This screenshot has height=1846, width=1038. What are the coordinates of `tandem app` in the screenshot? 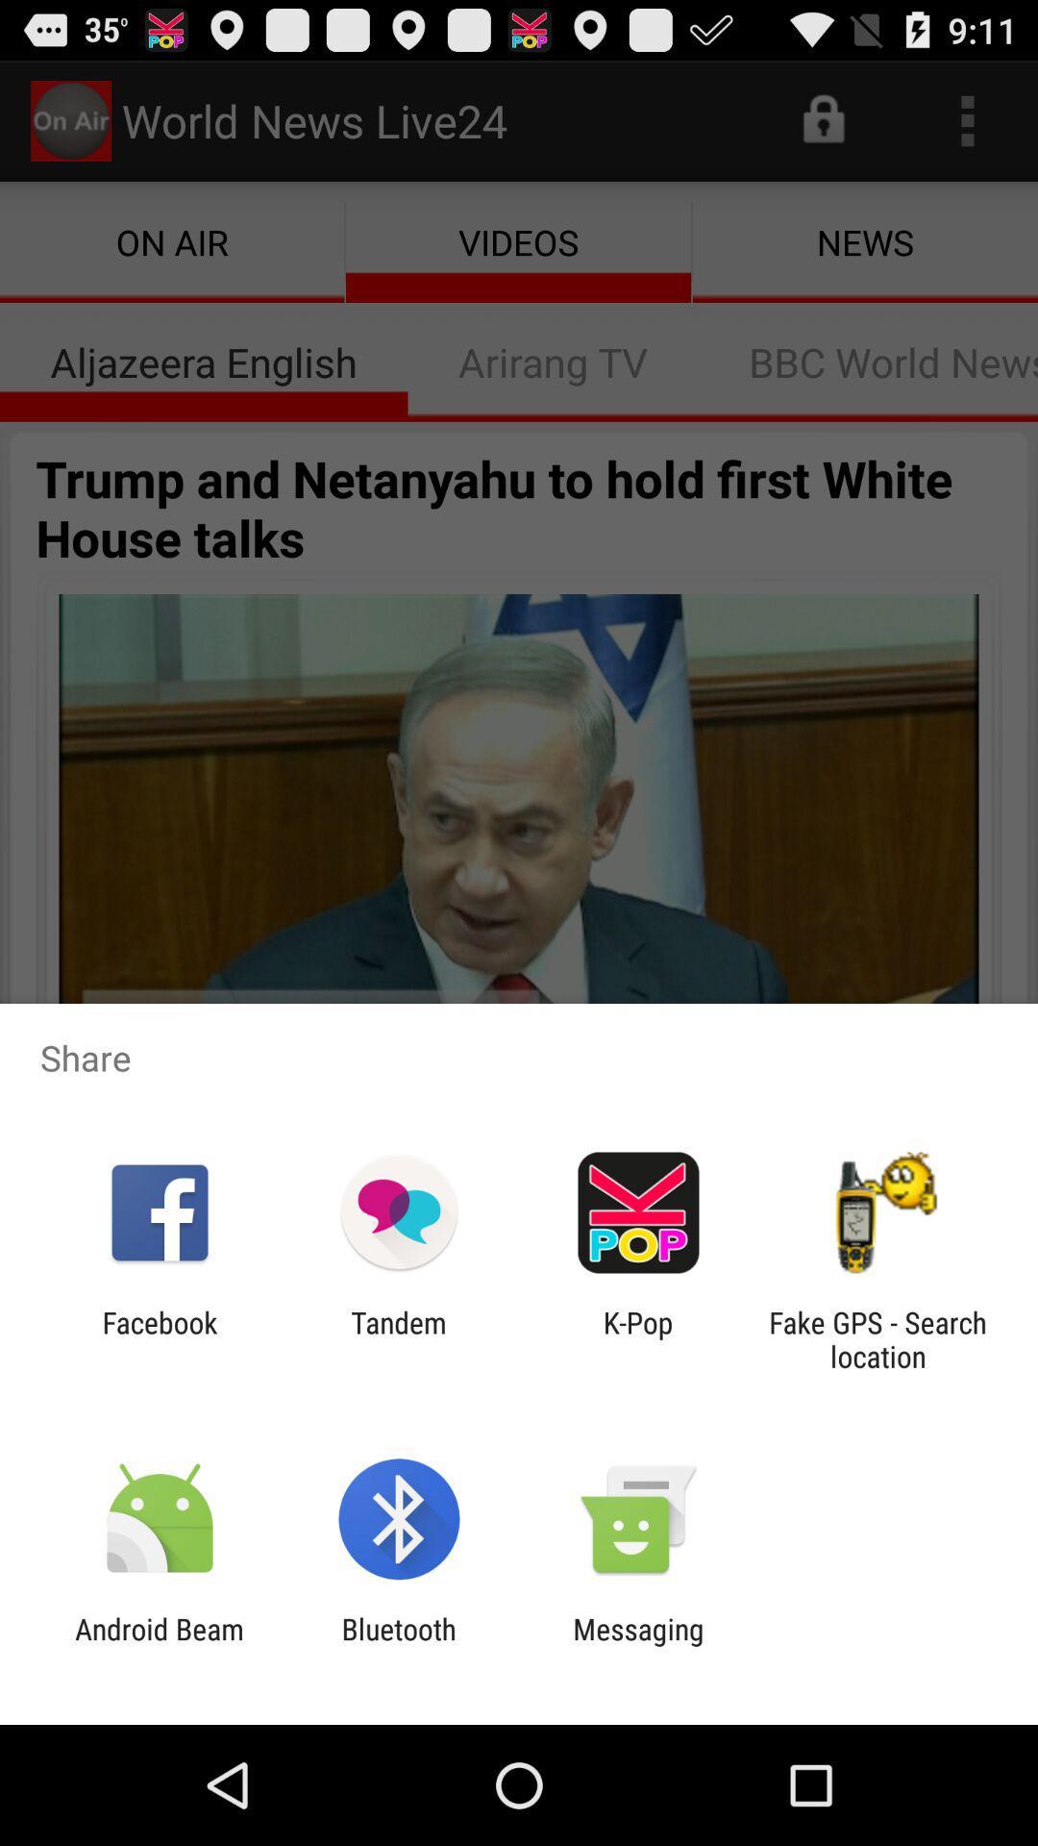 It's located at (398, 1338).